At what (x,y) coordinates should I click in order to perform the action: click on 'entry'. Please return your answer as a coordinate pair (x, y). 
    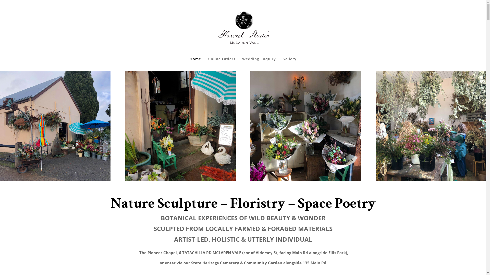
    Looking at the image, I should click on (180, 126).